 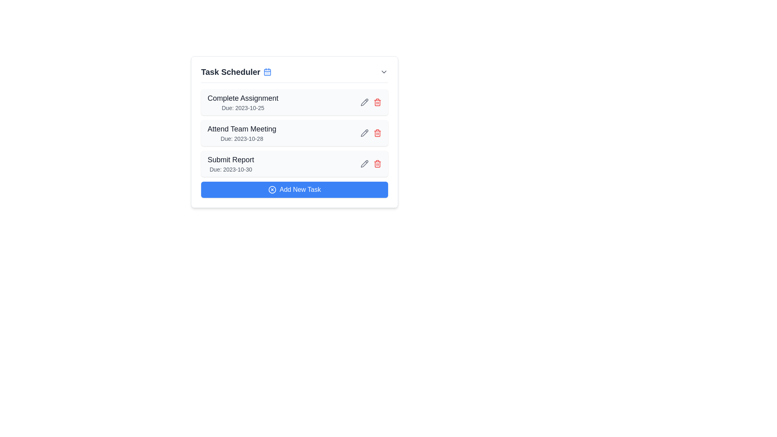 I want to click on the downward-facing chevron icon located in the upper-right corner of the 'Task Scheduler' section, so click(x=384, y=71).